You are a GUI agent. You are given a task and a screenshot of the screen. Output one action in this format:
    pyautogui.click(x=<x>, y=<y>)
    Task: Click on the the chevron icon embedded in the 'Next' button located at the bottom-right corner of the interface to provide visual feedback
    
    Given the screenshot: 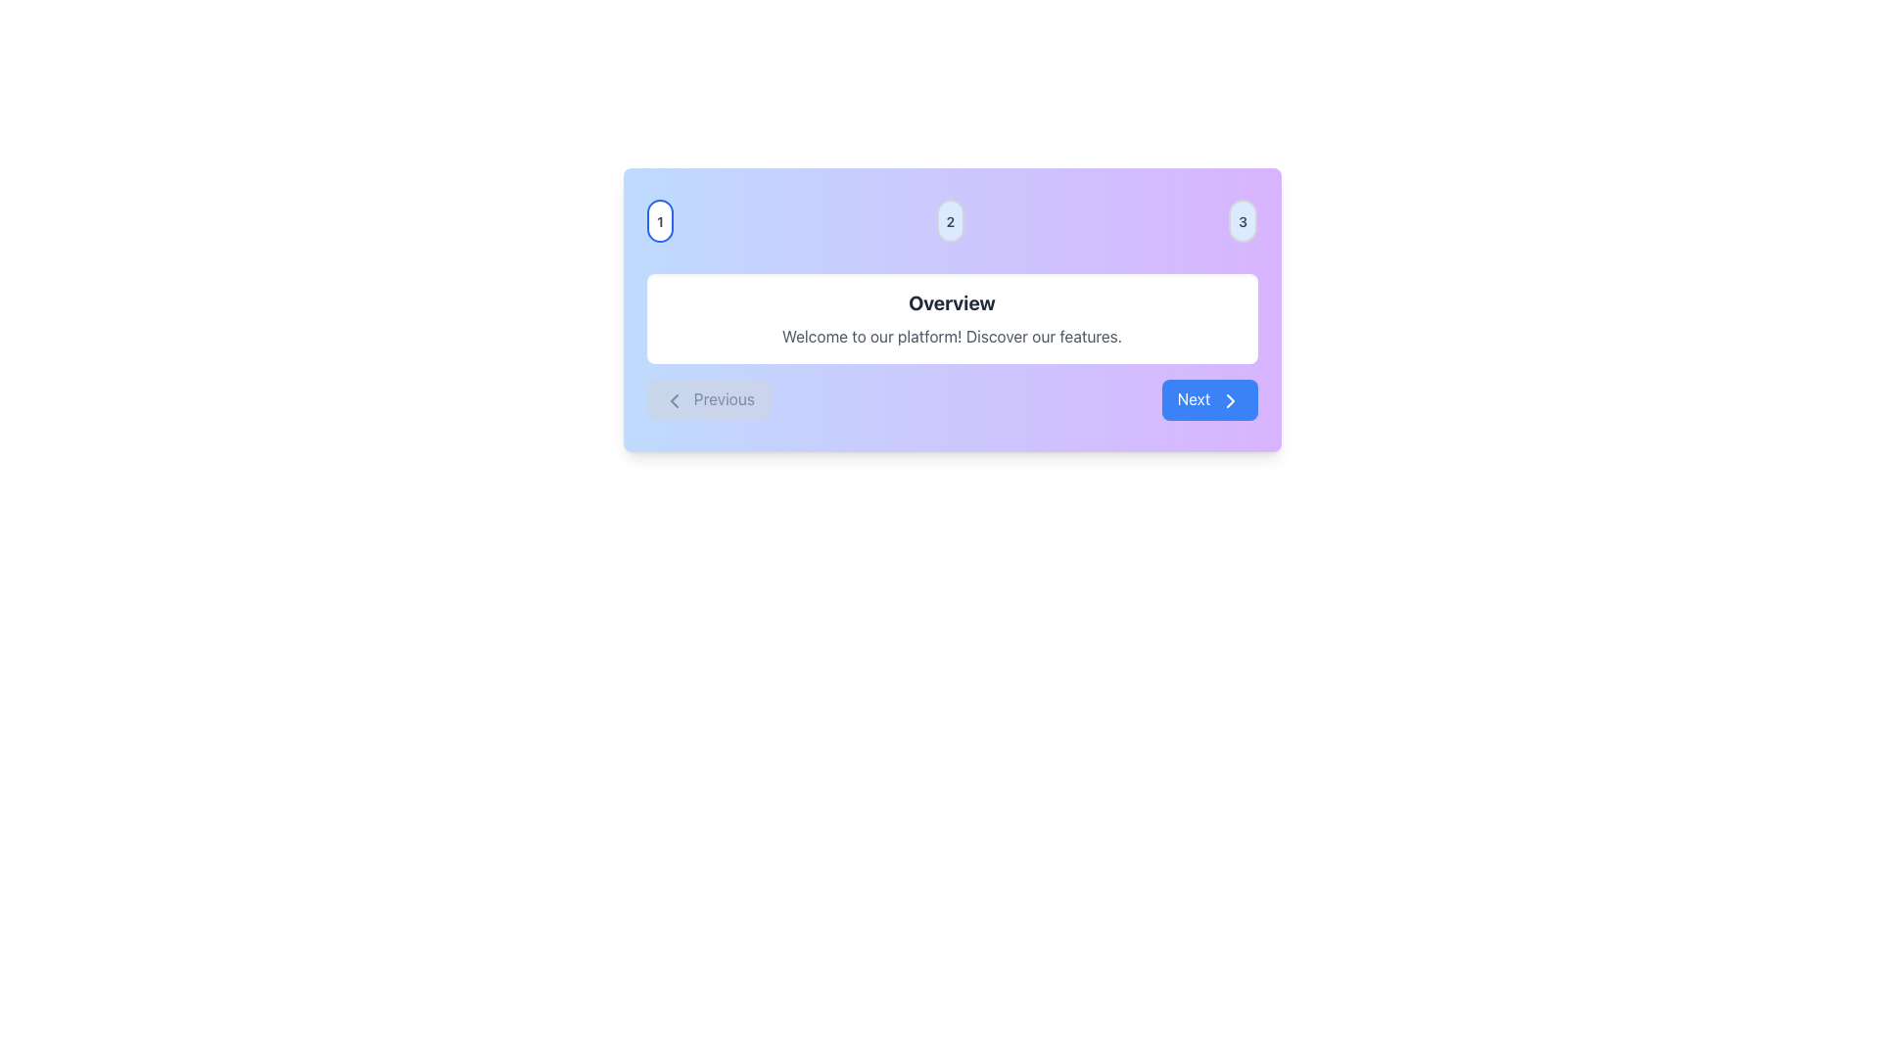 What is the action you would take?
    pyautogui.click(x=1229, y=399)
    